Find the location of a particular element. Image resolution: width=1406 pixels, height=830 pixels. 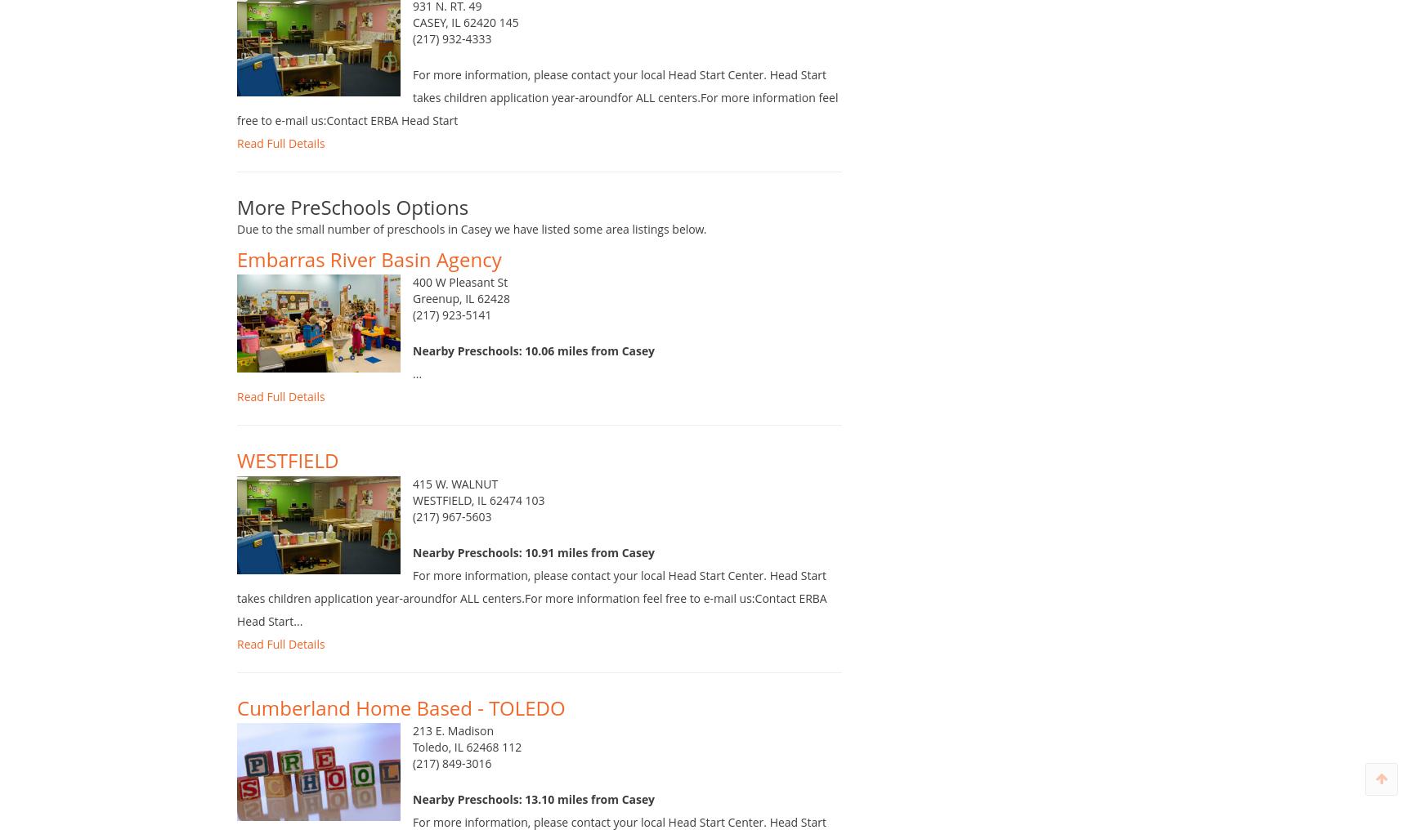

'WESTFIELD, IL 62474 103' is located at coordinates (477, 517).